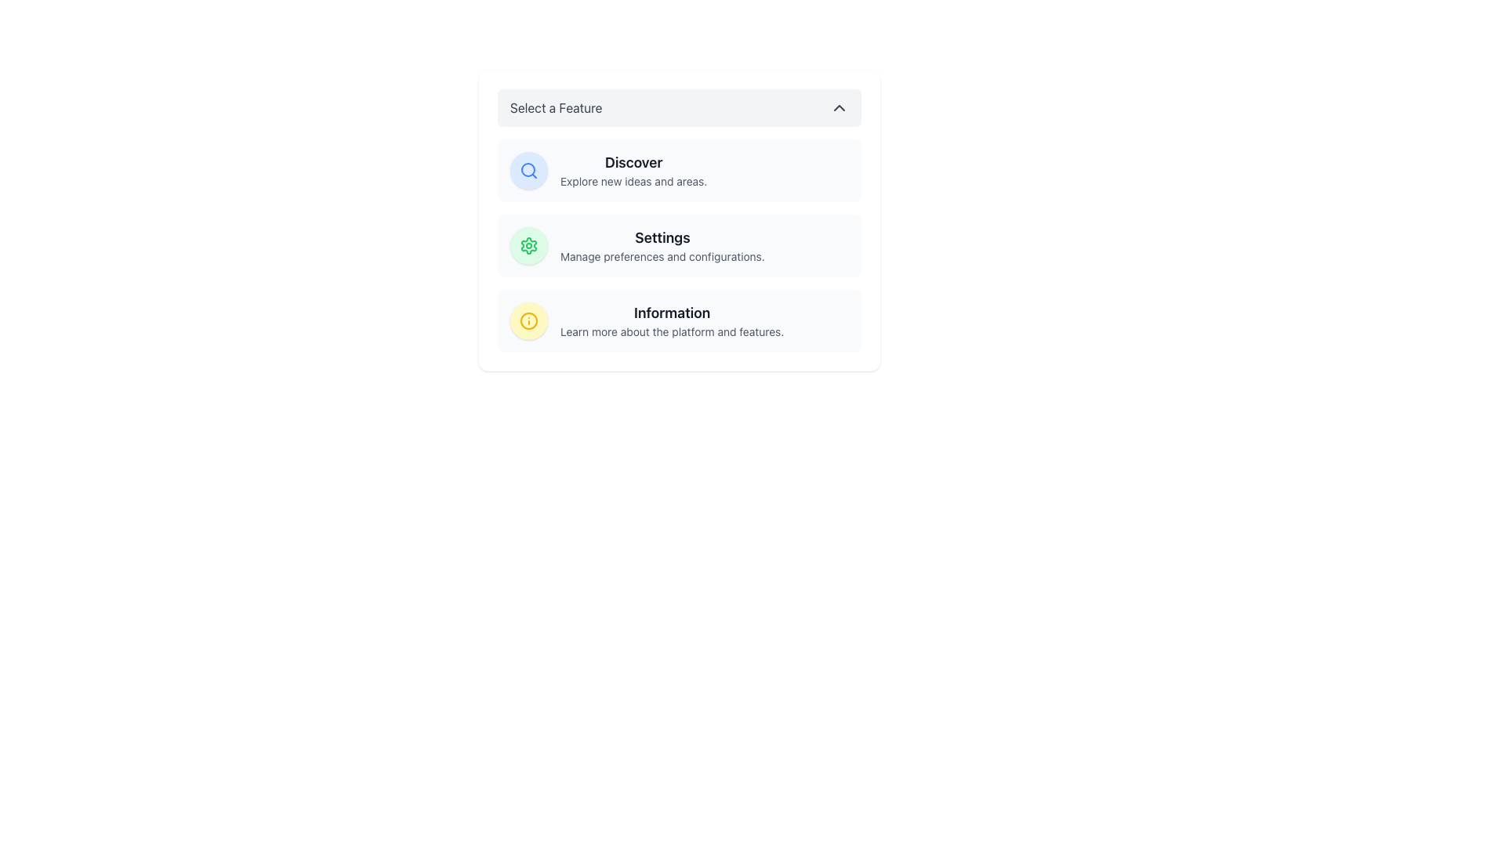 This screenshot has height=846, width=1505. Describe the element at coordinates (529, 320) in the screenshot. I see `the information icon represented by a question mark within a yellow circle, located in the third group from the top` at that location.